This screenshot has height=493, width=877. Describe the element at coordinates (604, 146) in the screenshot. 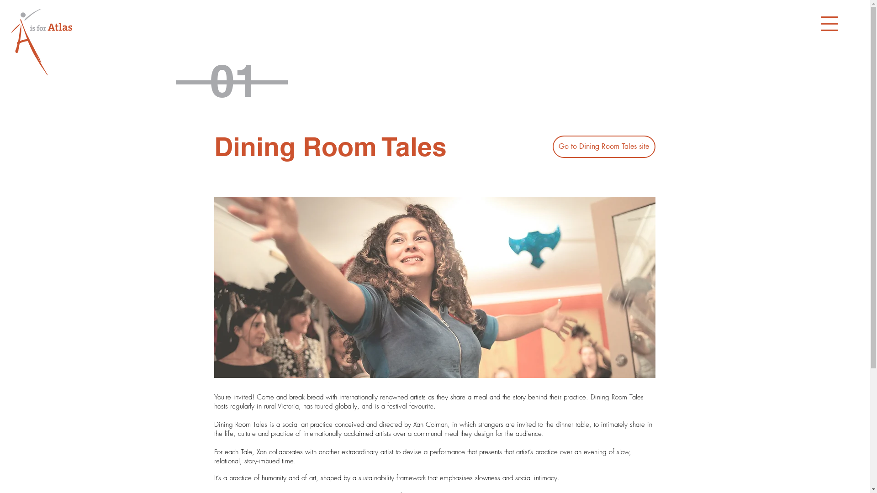

I see `'Go to Dining Room Tales site'` at that location.